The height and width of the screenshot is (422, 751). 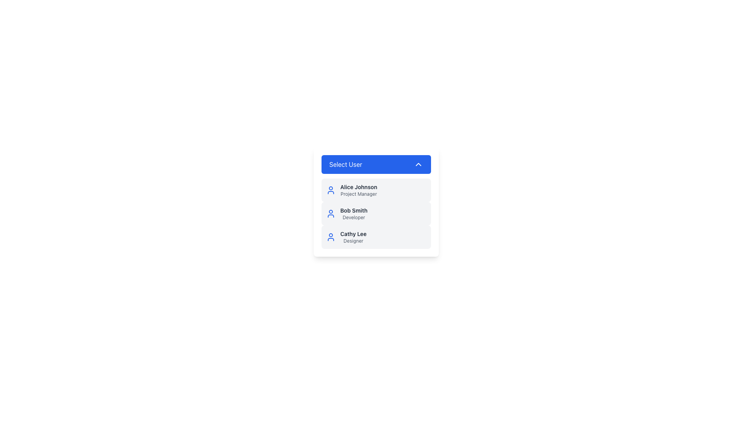 I want to click on the selectable option for user Alice Johnson in the first row of the user selection dropdown list, so click(x=358, y=190).